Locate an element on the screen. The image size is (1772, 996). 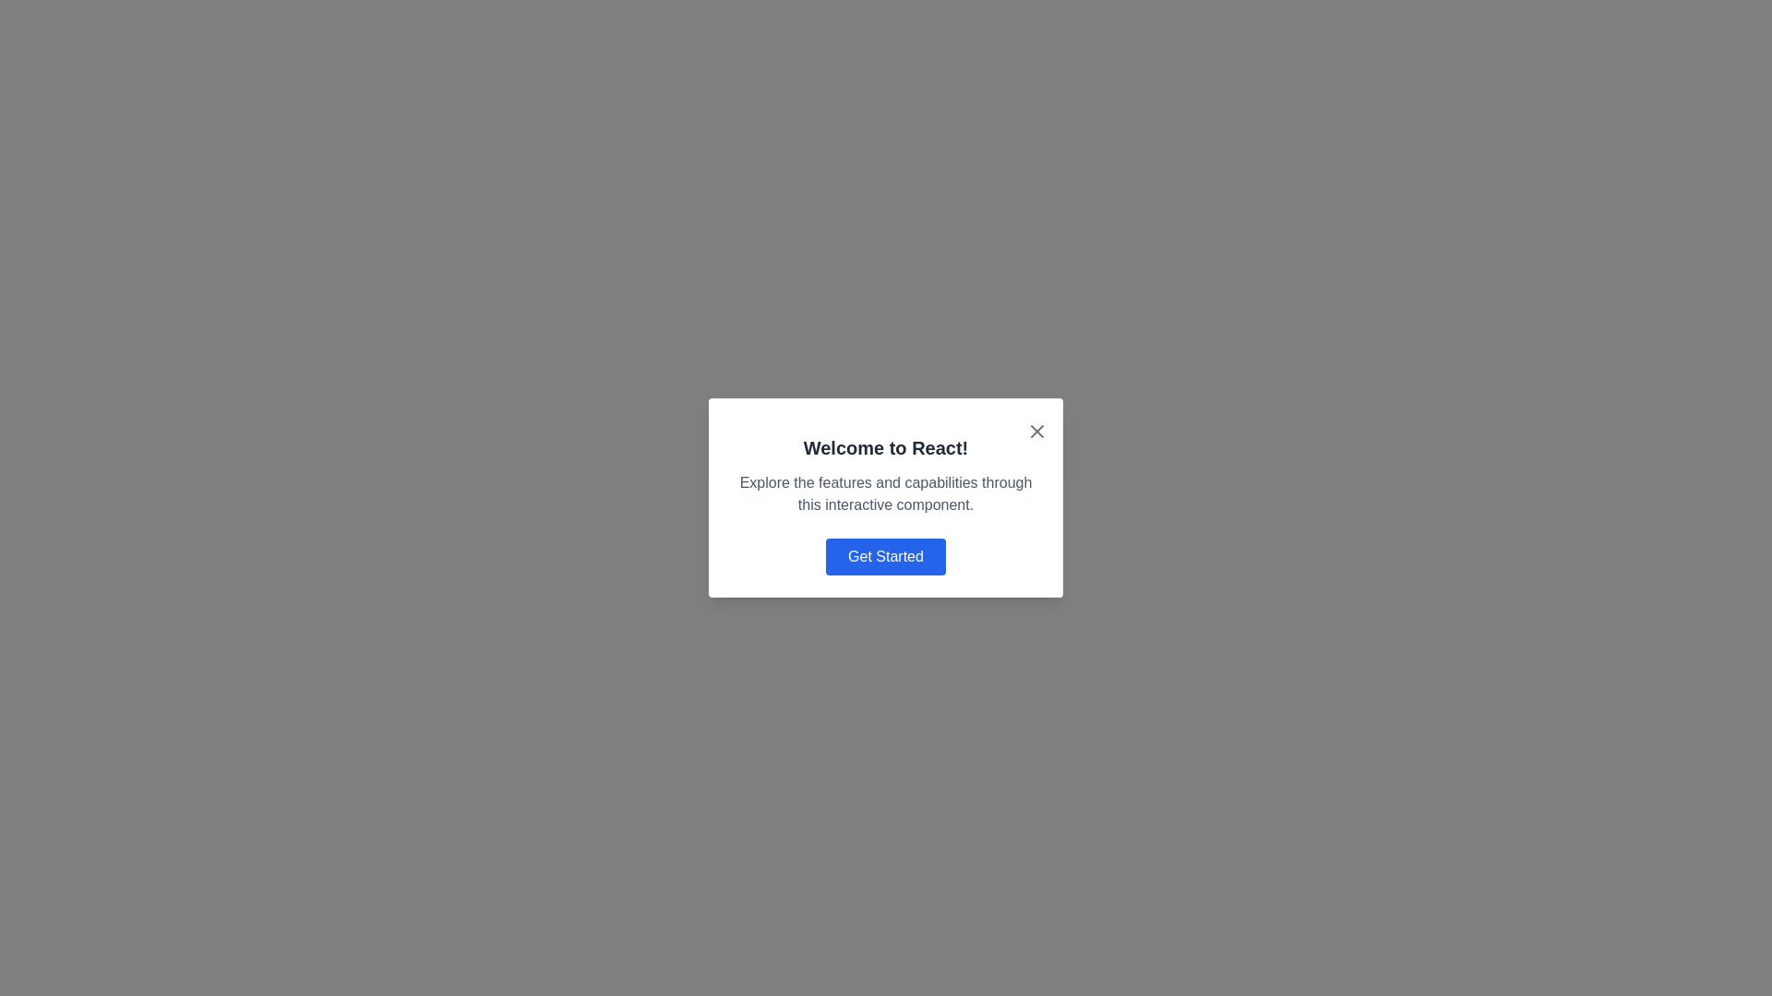
the close button located in the top-right corner of the popup window is located at coordinates (1036, 431).